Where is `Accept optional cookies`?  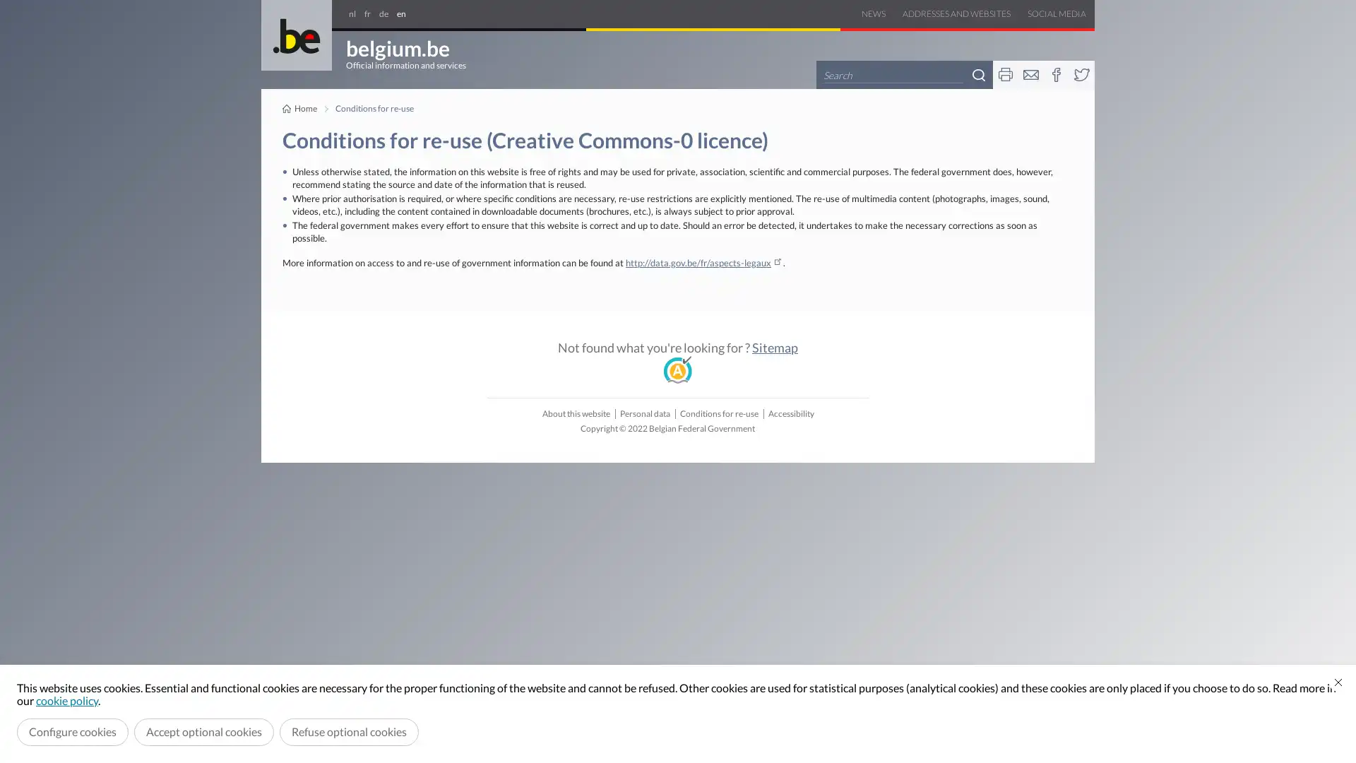
Accept optional cookies is located at coordinates (203, 731).